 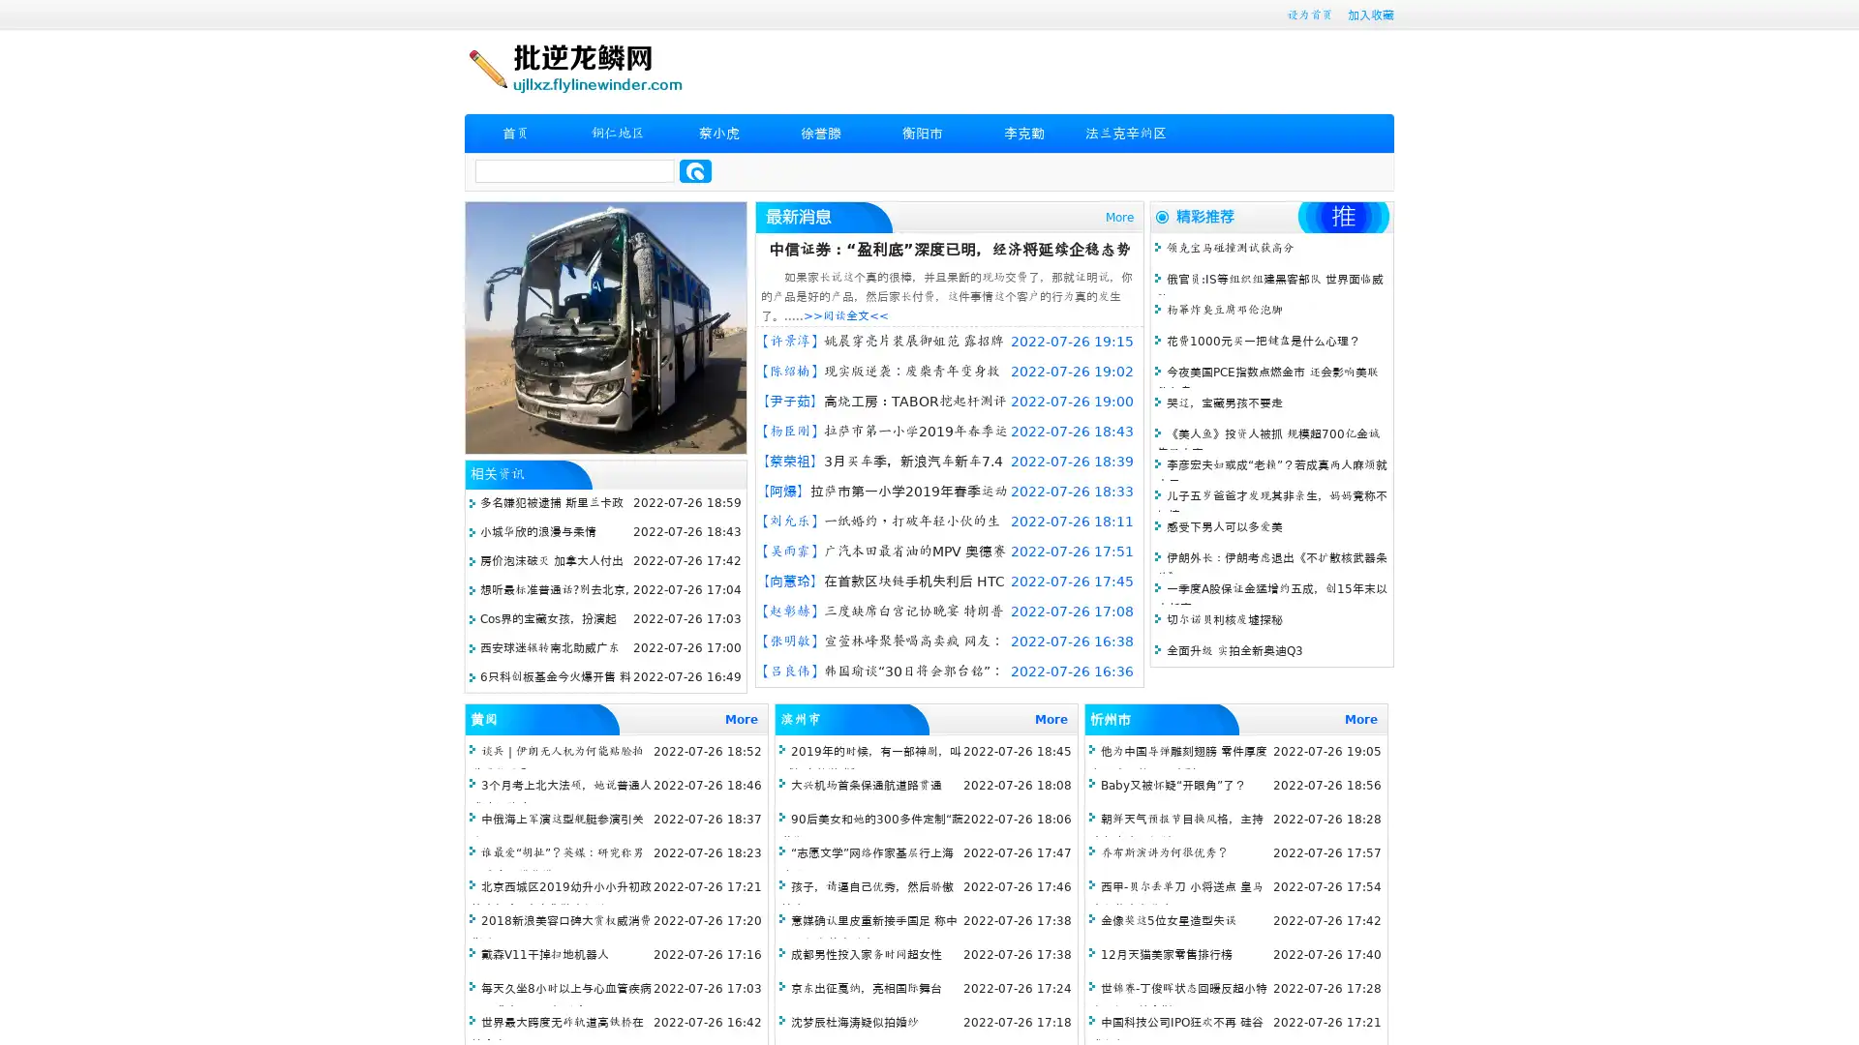 I want to click on Search, so click(x=695, y=170).